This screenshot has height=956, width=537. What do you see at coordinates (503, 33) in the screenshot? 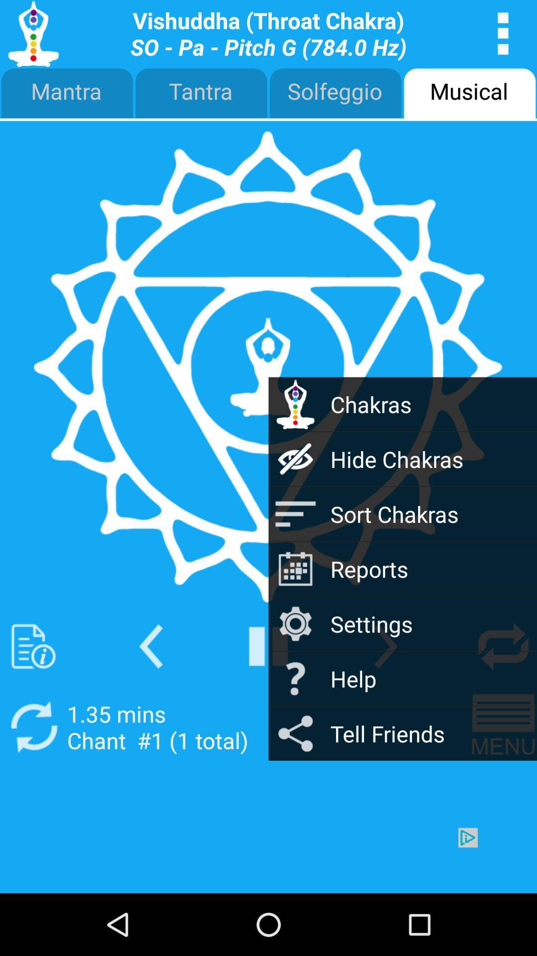
I see `apps` at bounding box center [503, 33].